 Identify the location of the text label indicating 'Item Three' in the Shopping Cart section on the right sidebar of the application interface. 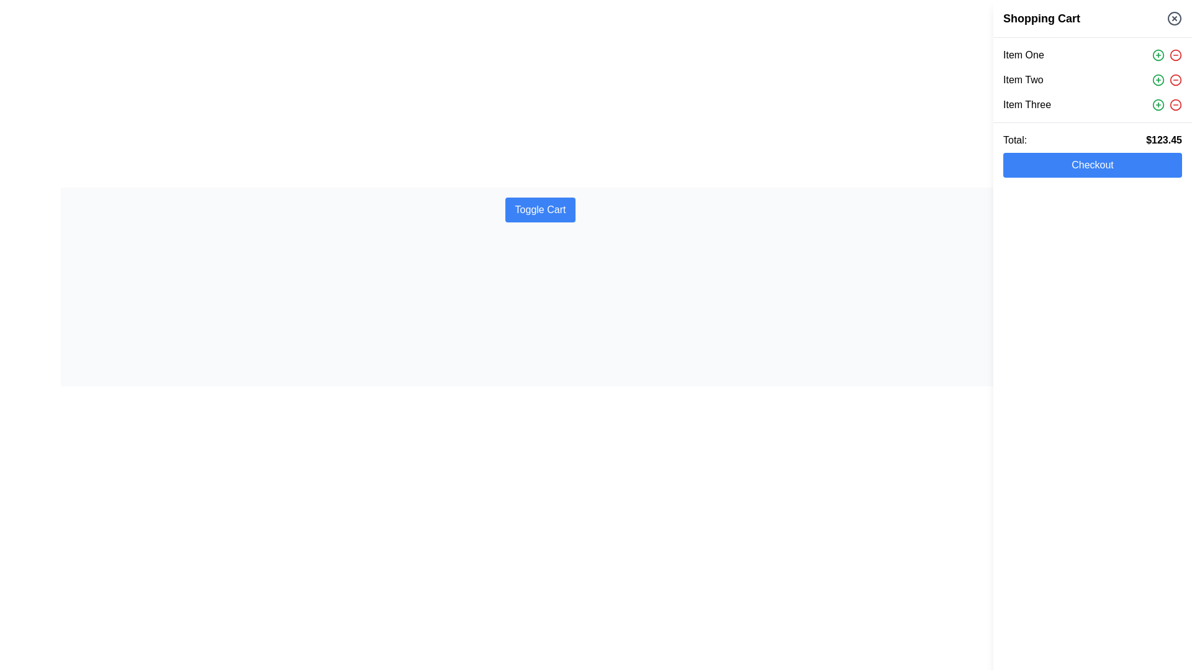
(1027, 104).